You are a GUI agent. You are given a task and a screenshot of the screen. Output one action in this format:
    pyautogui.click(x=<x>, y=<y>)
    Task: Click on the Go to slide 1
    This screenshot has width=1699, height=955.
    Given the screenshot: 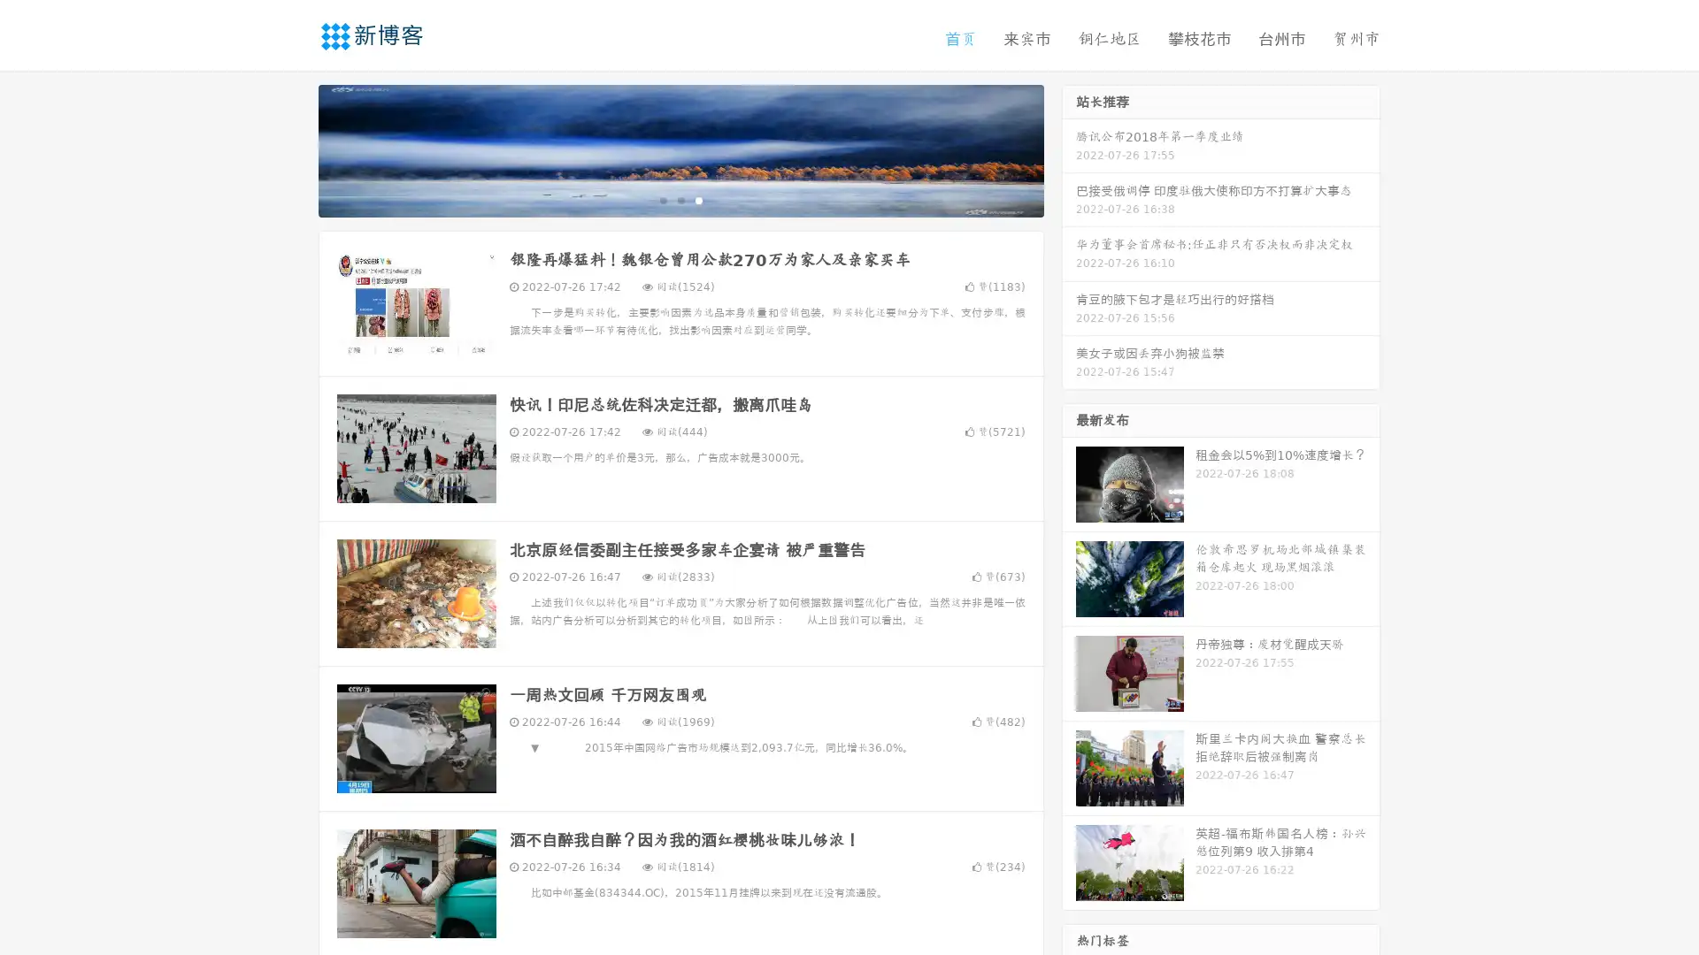 What is the action you would take?
    pyautogui.click(x=662, y=199)
    